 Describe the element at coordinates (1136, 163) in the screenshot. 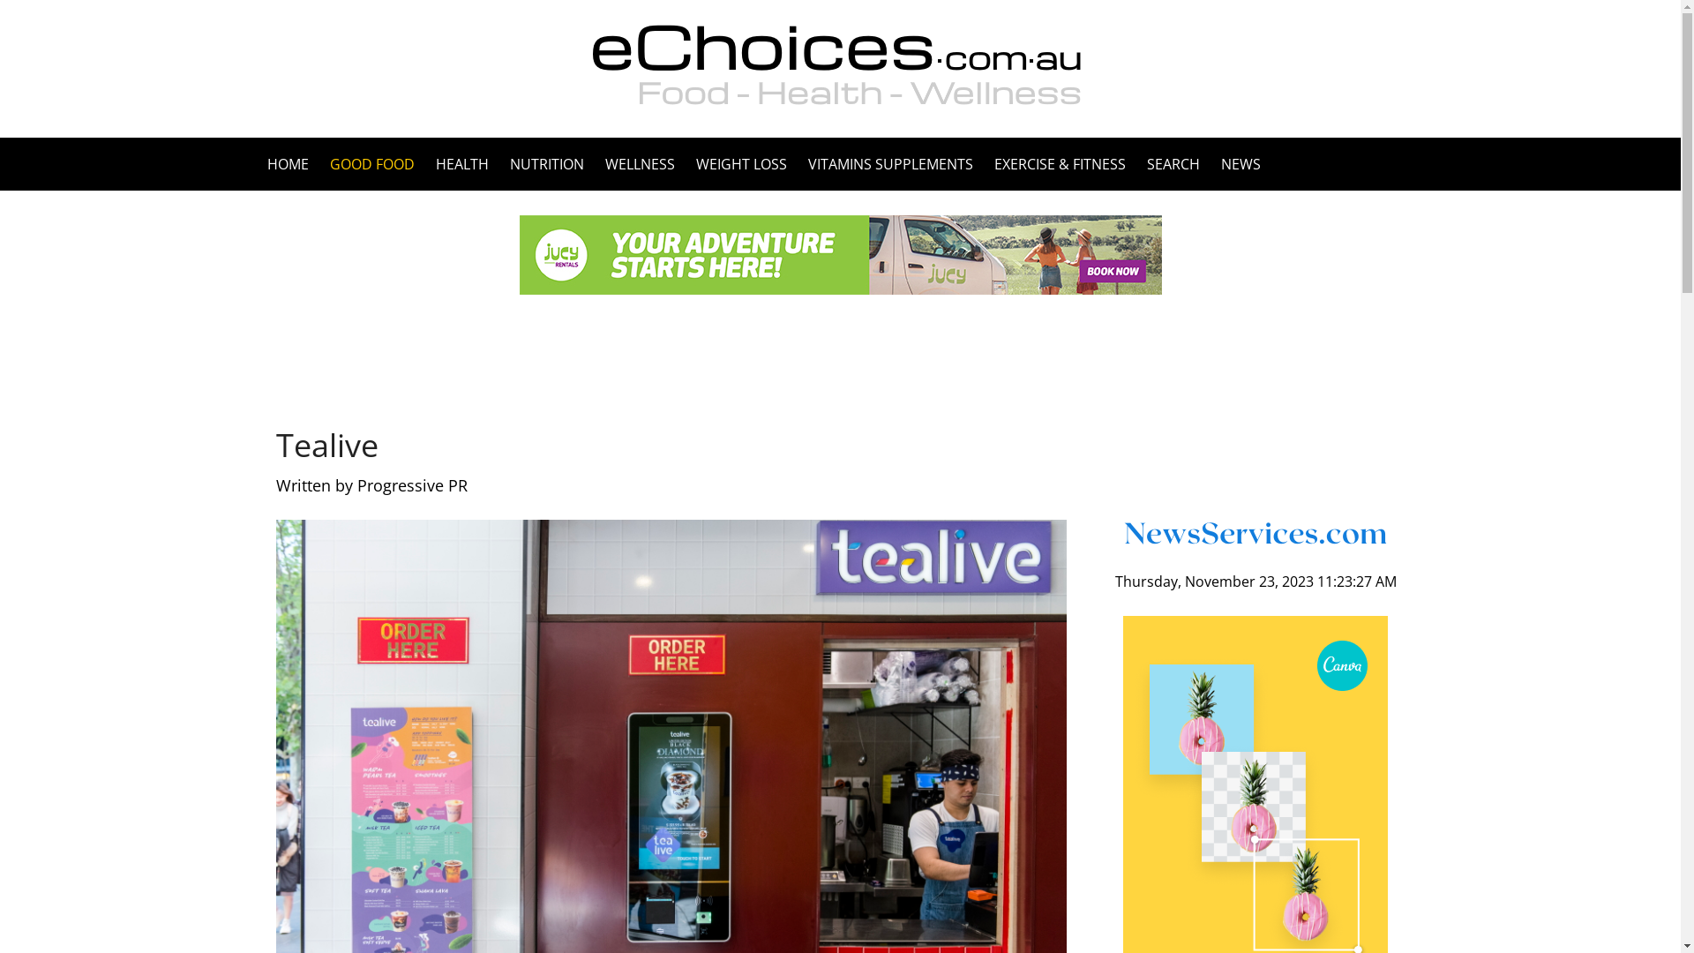

I see `'SEARCH'` at that location.